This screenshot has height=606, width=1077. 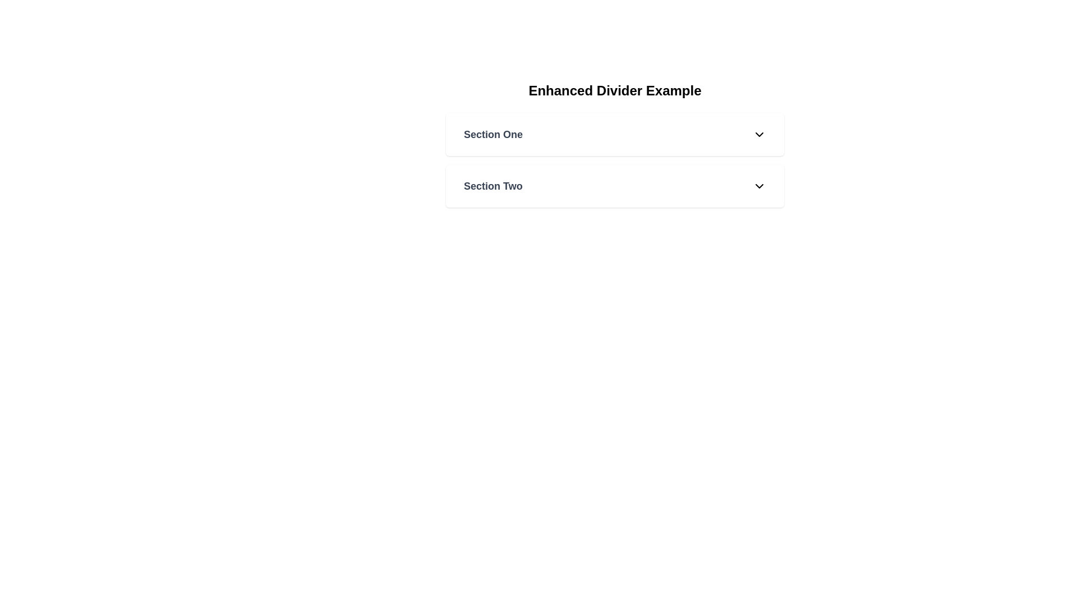 What do you see at coordinates (493, 134) in the screenshot?
I see `the text label that identifies the first section of the collapsible list interface, located to the left of the chevron icon` at bounding box center [493, 134].